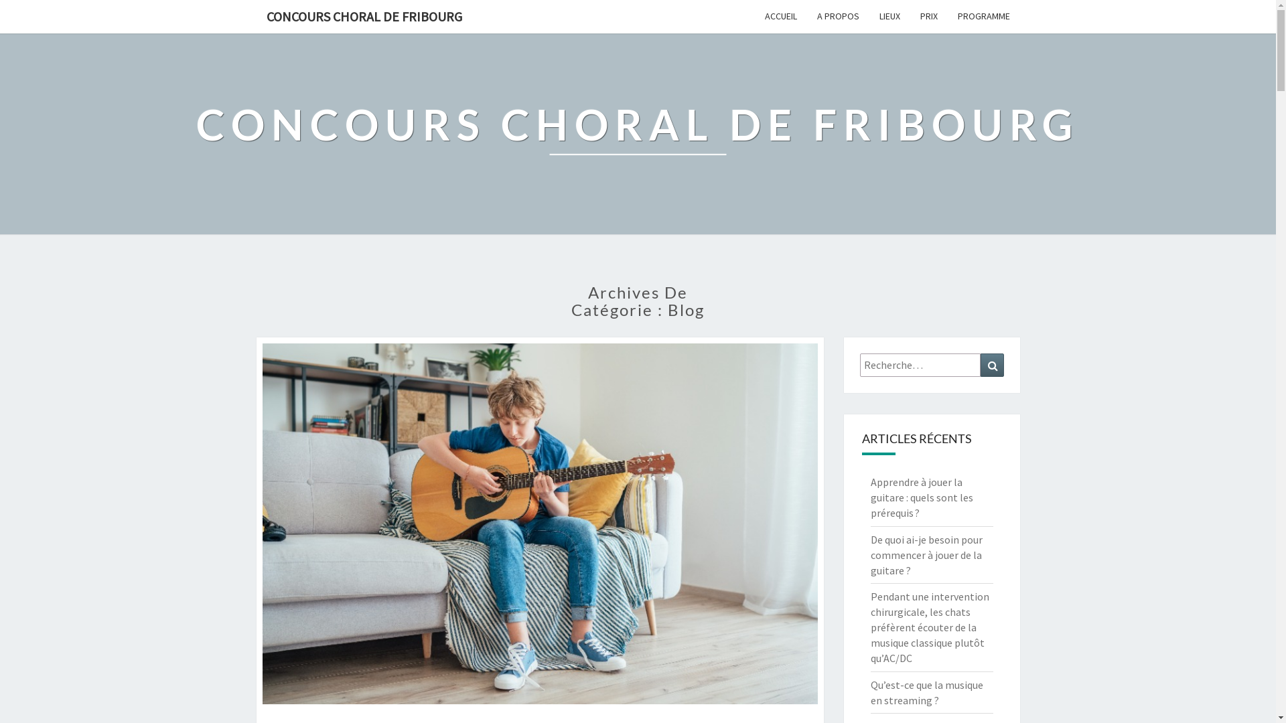  Describe the element at coordinates (910, 15) in the screenshot. I see `'PRIX'` at that location.